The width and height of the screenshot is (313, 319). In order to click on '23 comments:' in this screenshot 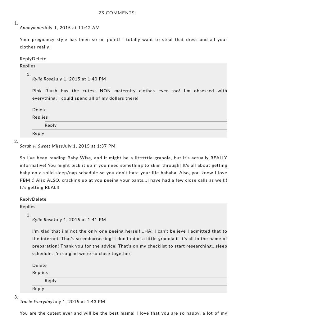, I will do `click(117, 12)`.